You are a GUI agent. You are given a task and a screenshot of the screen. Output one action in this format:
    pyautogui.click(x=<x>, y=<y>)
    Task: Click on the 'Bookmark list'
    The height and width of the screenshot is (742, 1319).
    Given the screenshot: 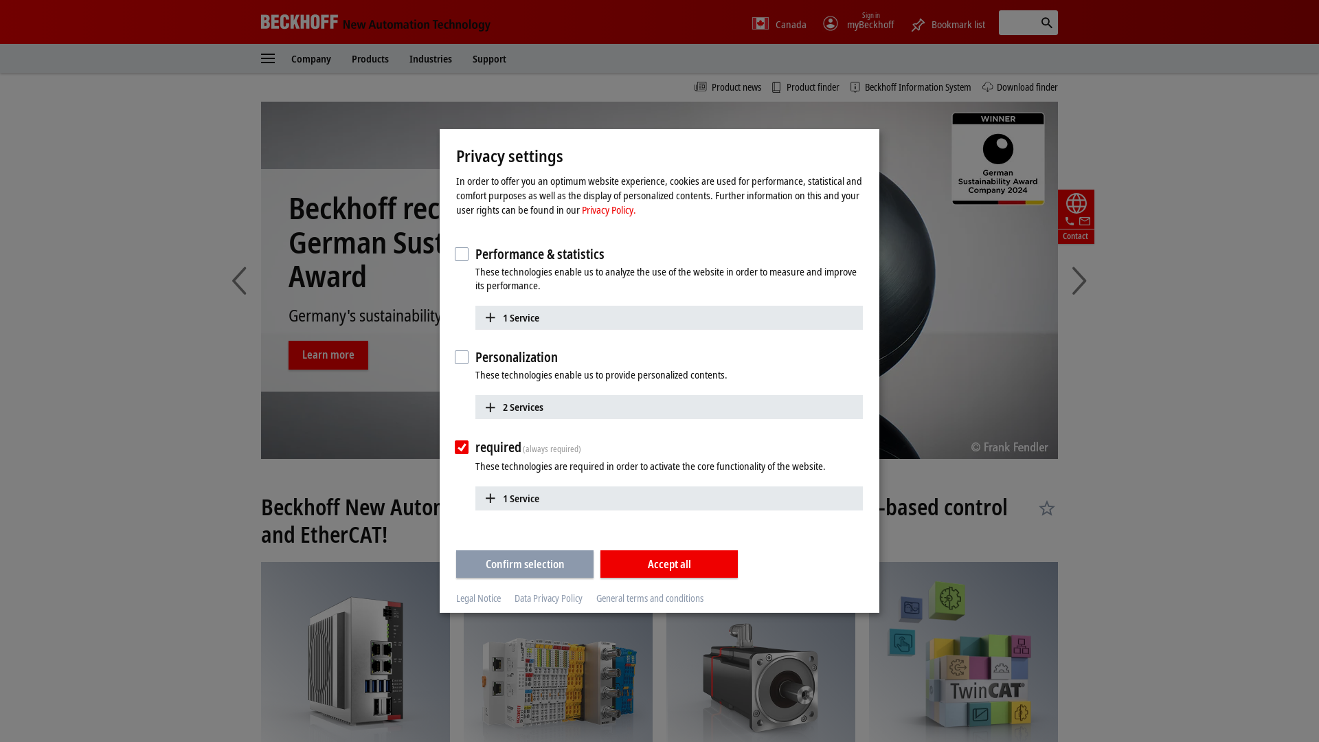 What is the action you would take?
    pyautogui.click(x=946, y=22)
    